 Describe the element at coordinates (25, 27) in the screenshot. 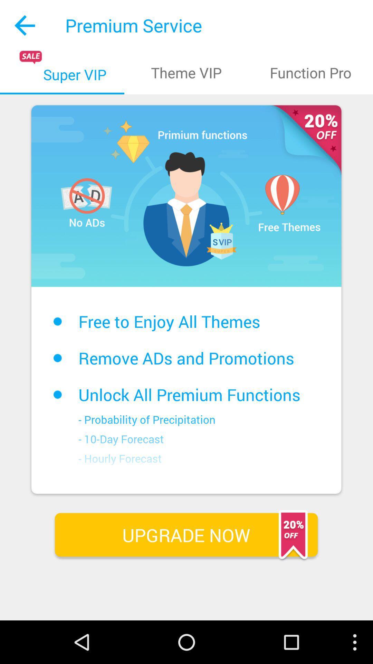

I see `the arrow_backward icon` at that location.